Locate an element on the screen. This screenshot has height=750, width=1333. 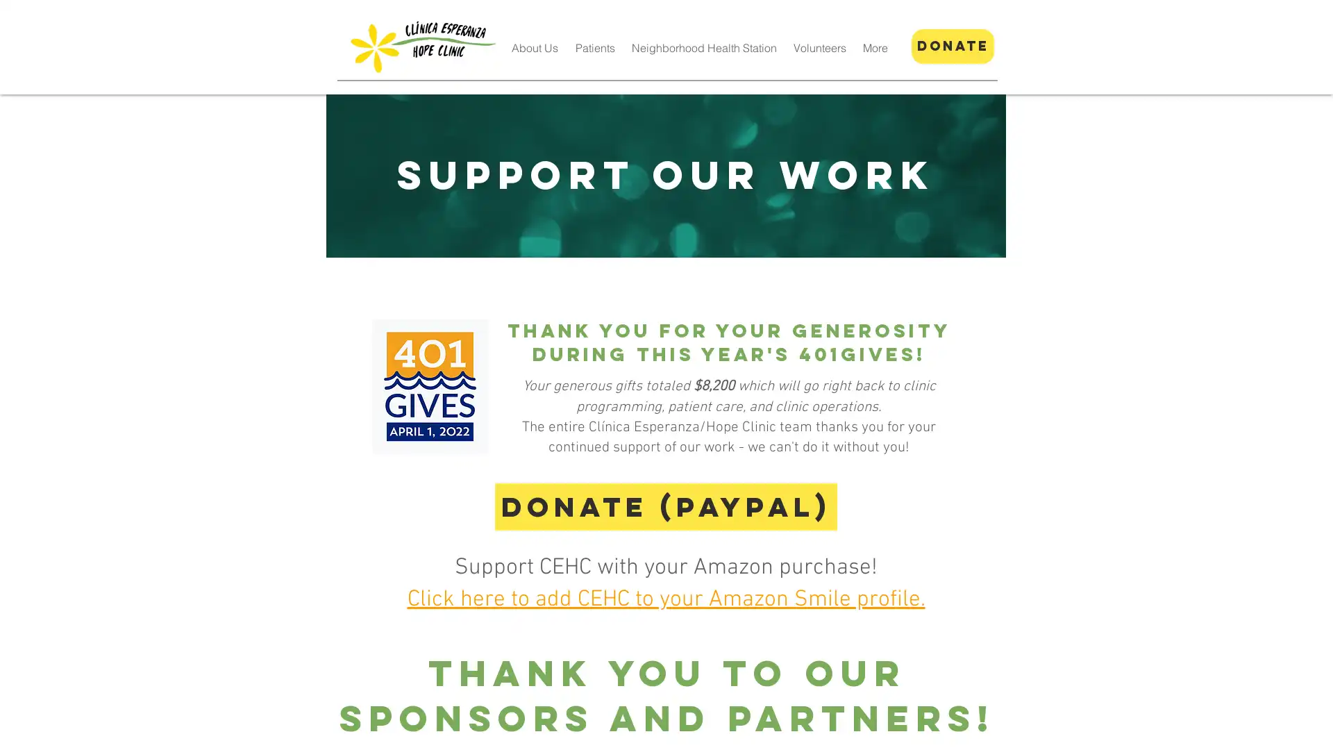
Close is located at coordinates (1316, 727).